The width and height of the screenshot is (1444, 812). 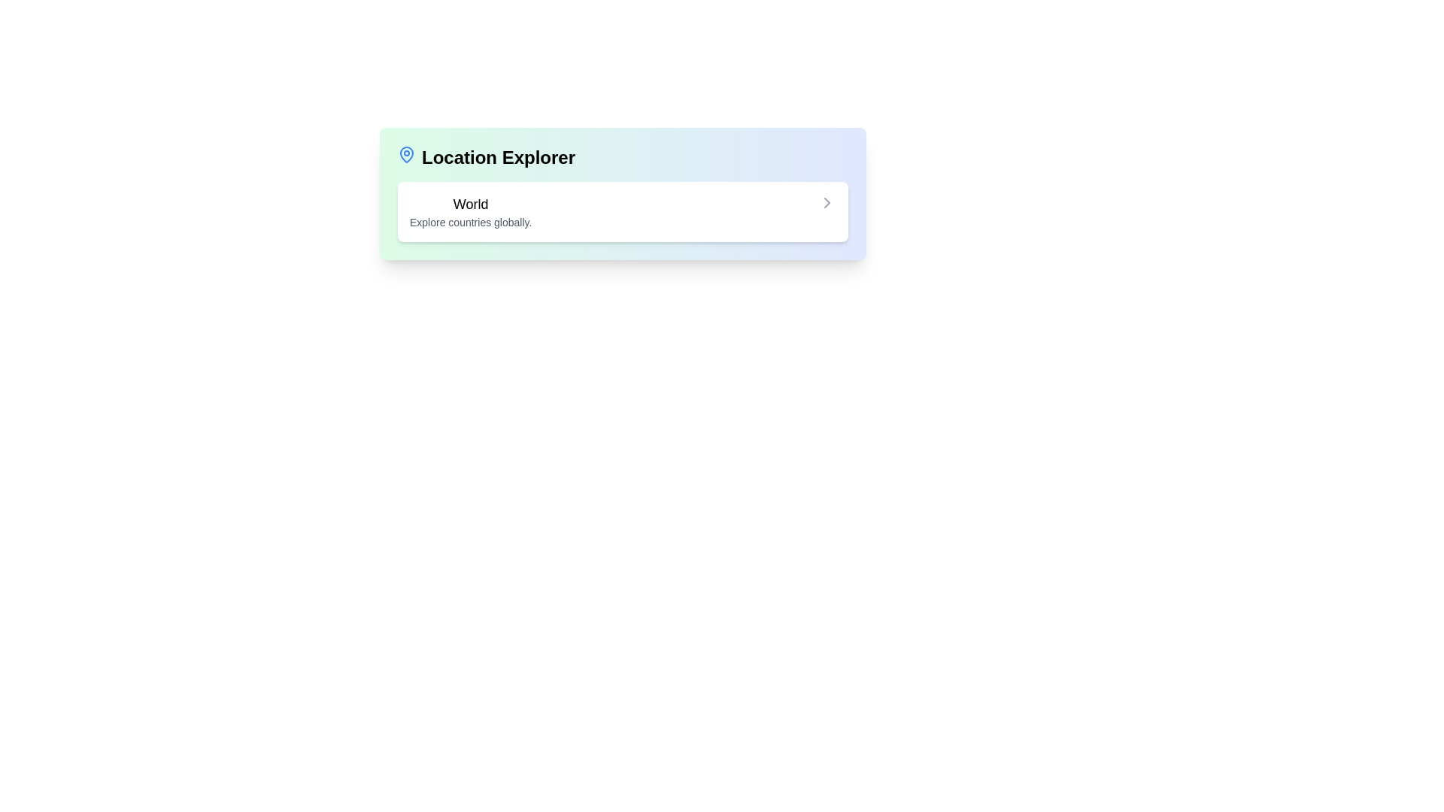 I want to click on the right-facing chevron arrow icon located on the right side of the 'World' text field, so click(x=826, y=203).